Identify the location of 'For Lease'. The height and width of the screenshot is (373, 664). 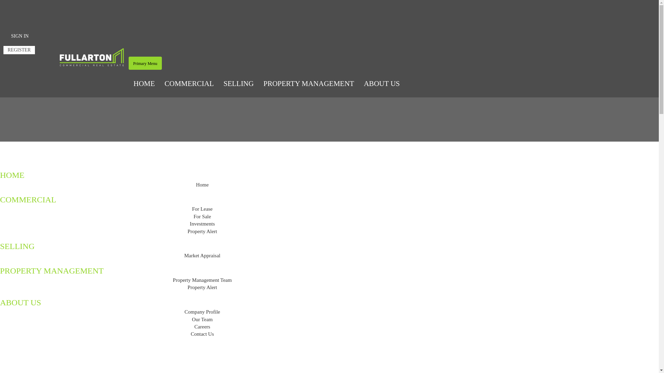
(202, 209).